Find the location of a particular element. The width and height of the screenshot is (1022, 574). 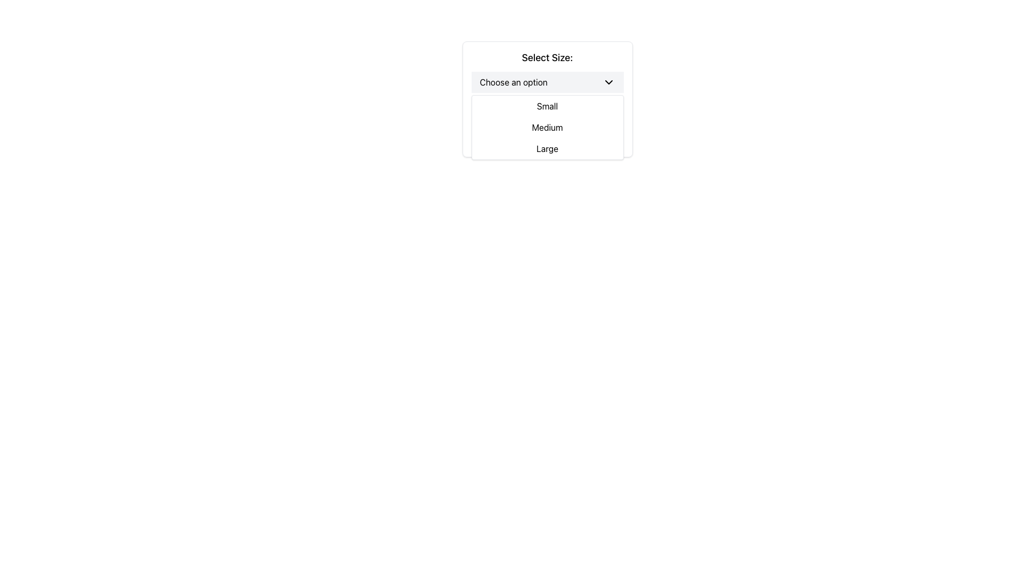

the dropdown menu item labeled 'Small', which is the first item in the dropdown list below the 'Choose an option' label is located at coordinates (547, 106).